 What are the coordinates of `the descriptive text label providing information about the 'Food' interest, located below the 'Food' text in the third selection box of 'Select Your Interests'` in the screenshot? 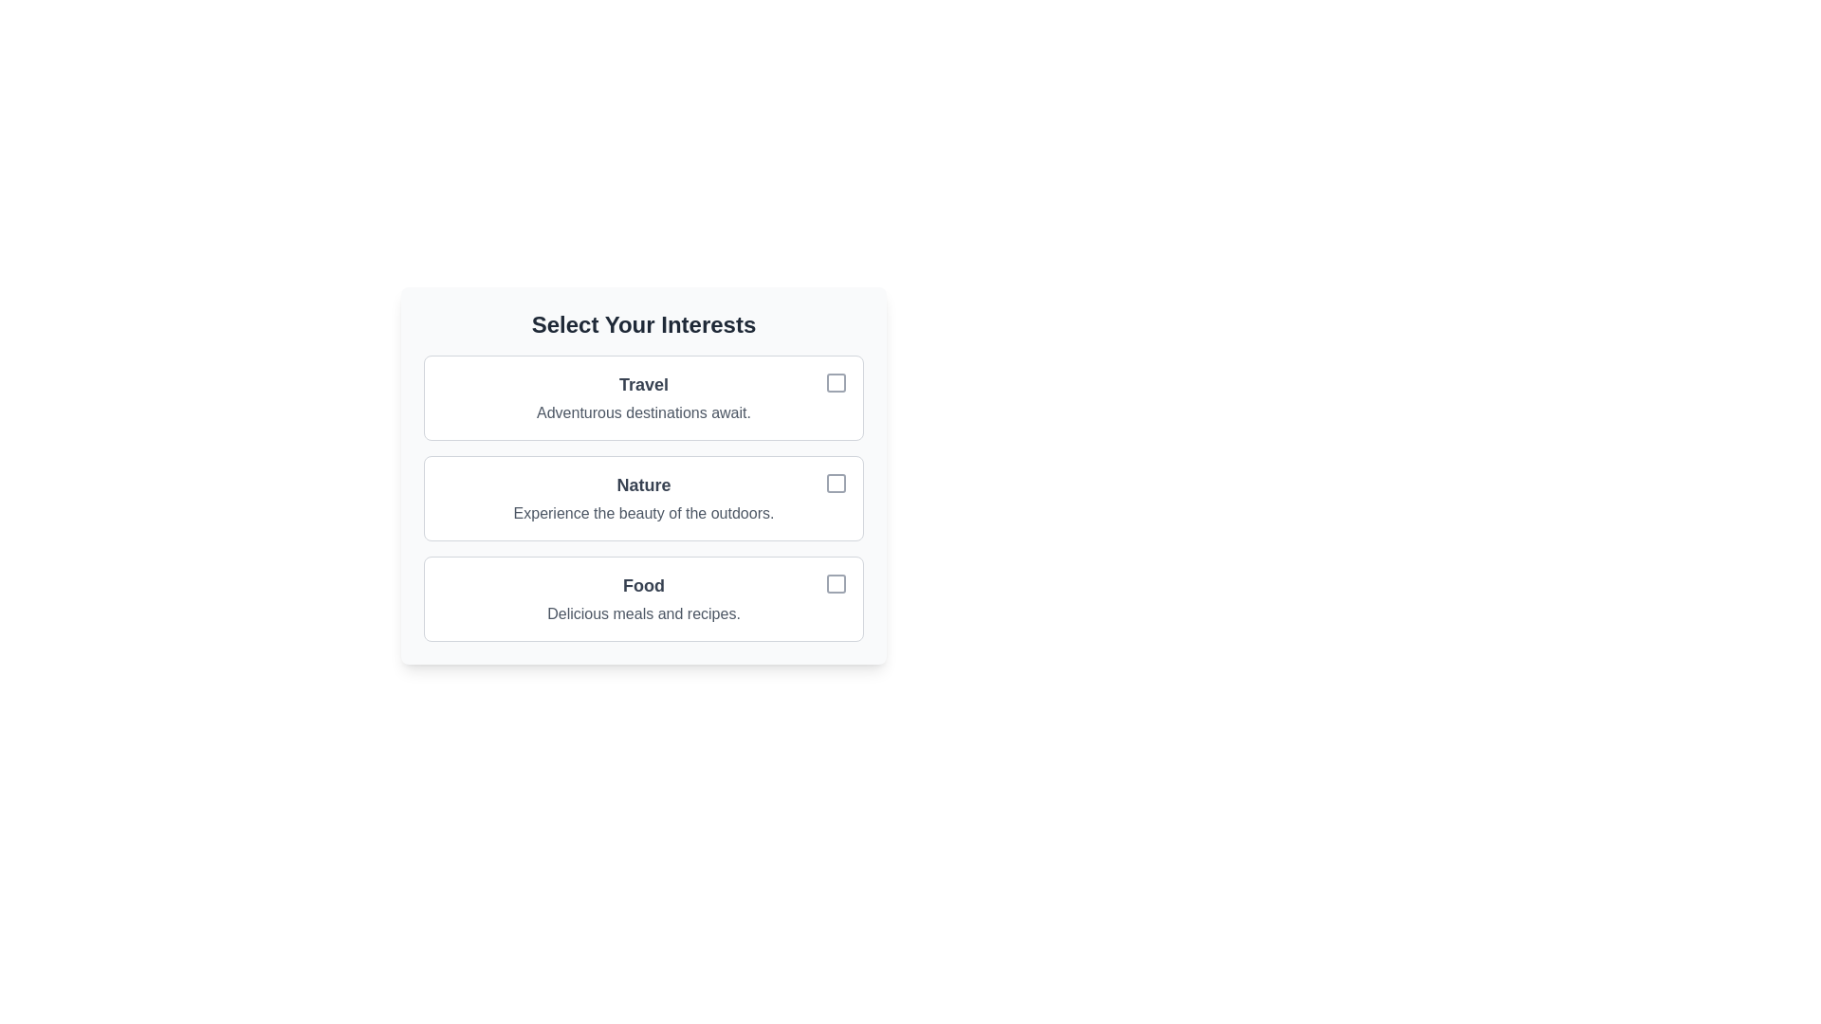 It's located at (643, 614).